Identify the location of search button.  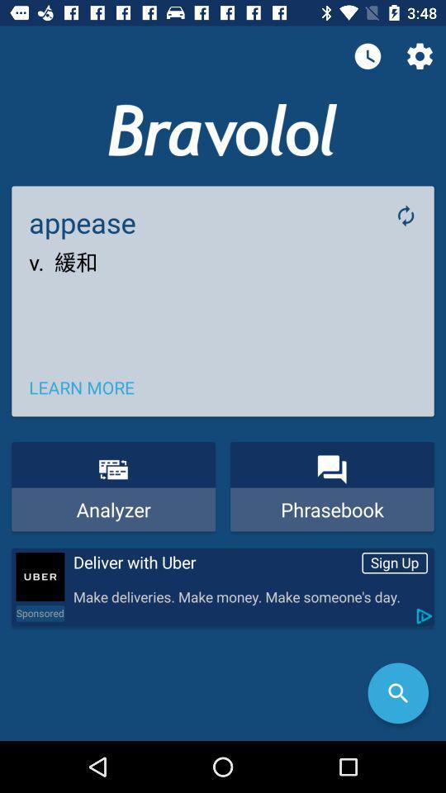
(397, 693).